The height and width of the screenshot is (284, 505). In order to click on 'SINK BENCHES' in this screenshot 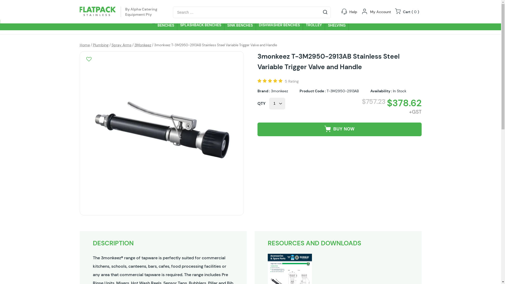, I will do `click(224, 25)`.